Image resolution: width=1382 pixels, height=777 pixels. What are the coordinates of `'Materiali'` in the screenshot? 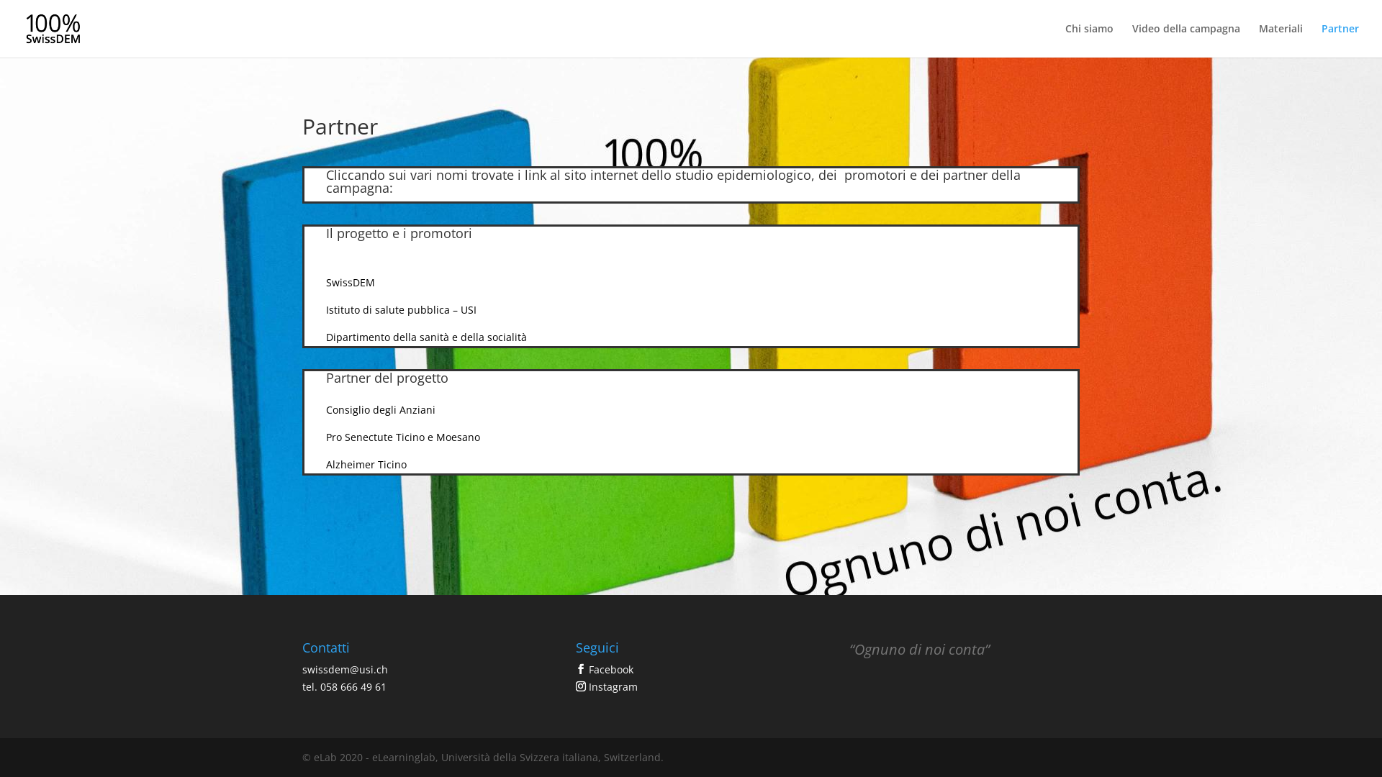 It's located at (1257, 40).